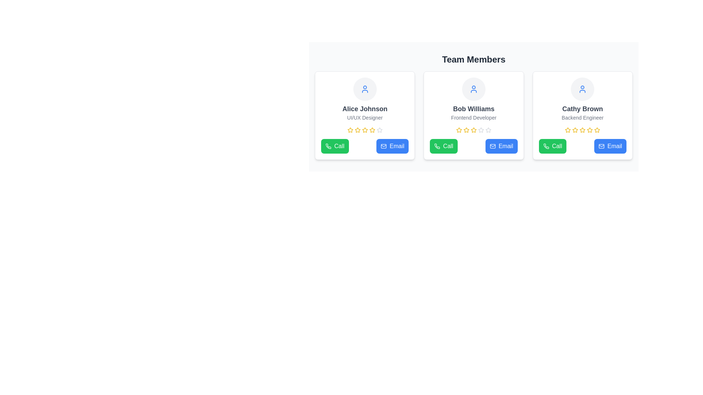 Image resolution: width=703 pixels, height=395 pixels. Describe the element at coordinates (474, 117) in the screenshot. I see `the static text element indicating the professional title of 'Bob Williams', which is located below his name and above the rating stars` at that location.